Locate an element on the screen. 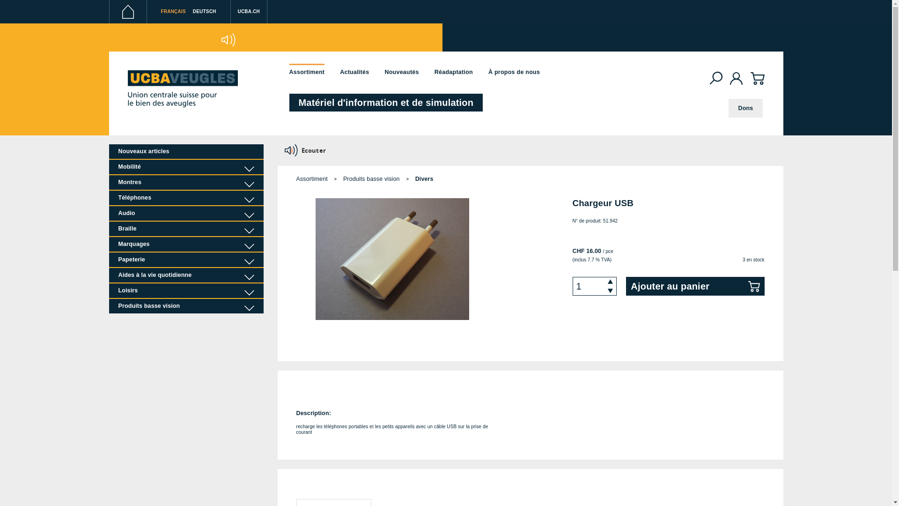  'Panier / Caisse' is located at coordinates (757, 83).